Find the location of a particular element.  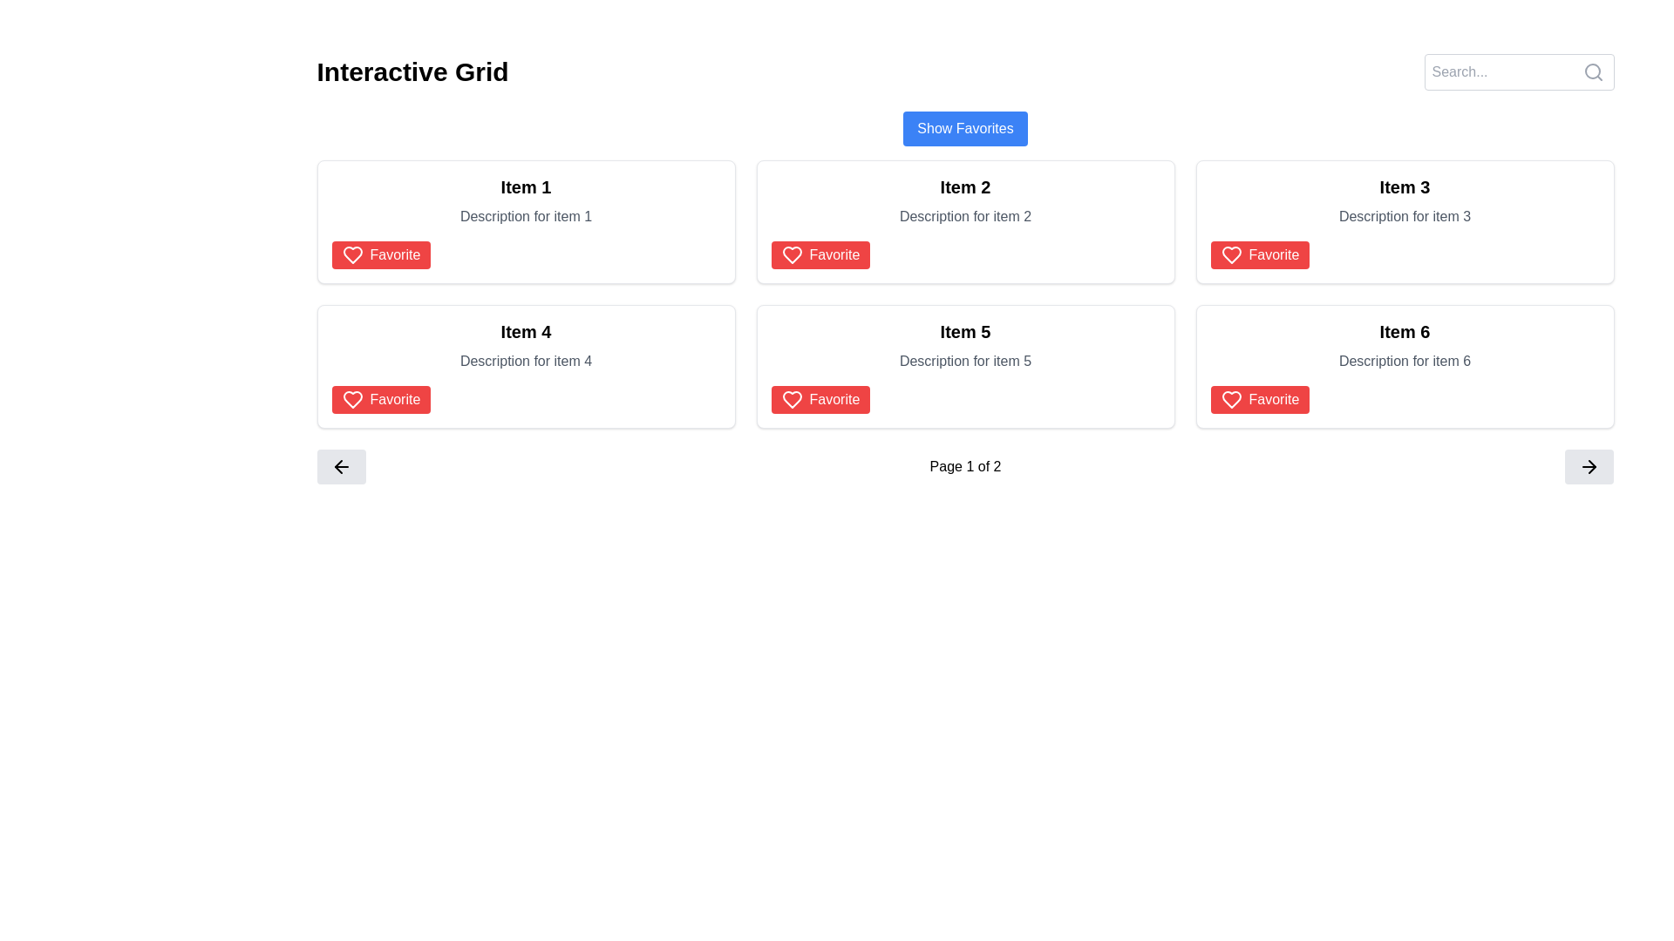

the rectangular button with a blue background and white bold text that reads 'Show Favorites' is located at coordinates (964, 127).